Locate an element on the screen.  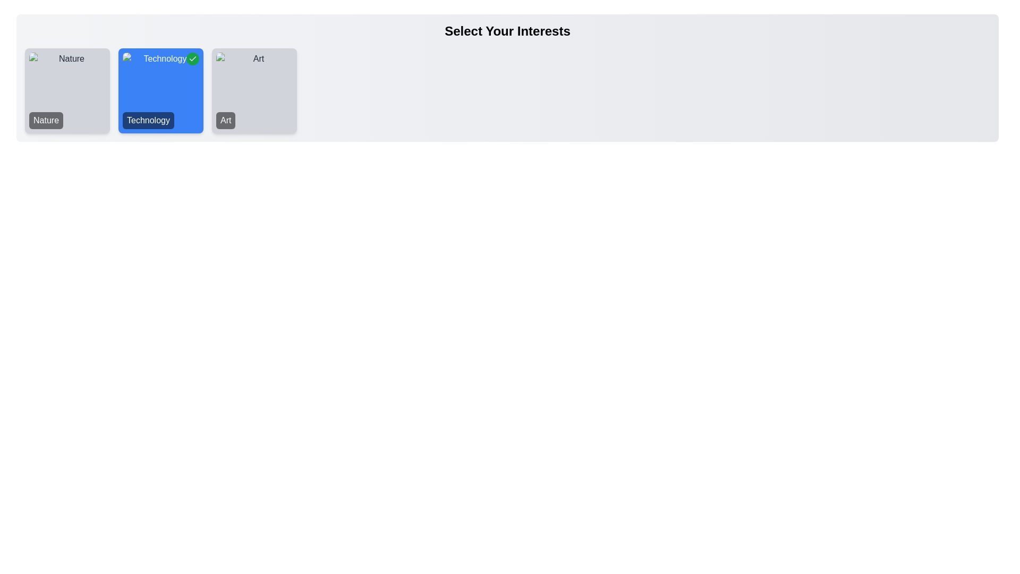
the chip labeled Art is located at coordinates (254, 90).